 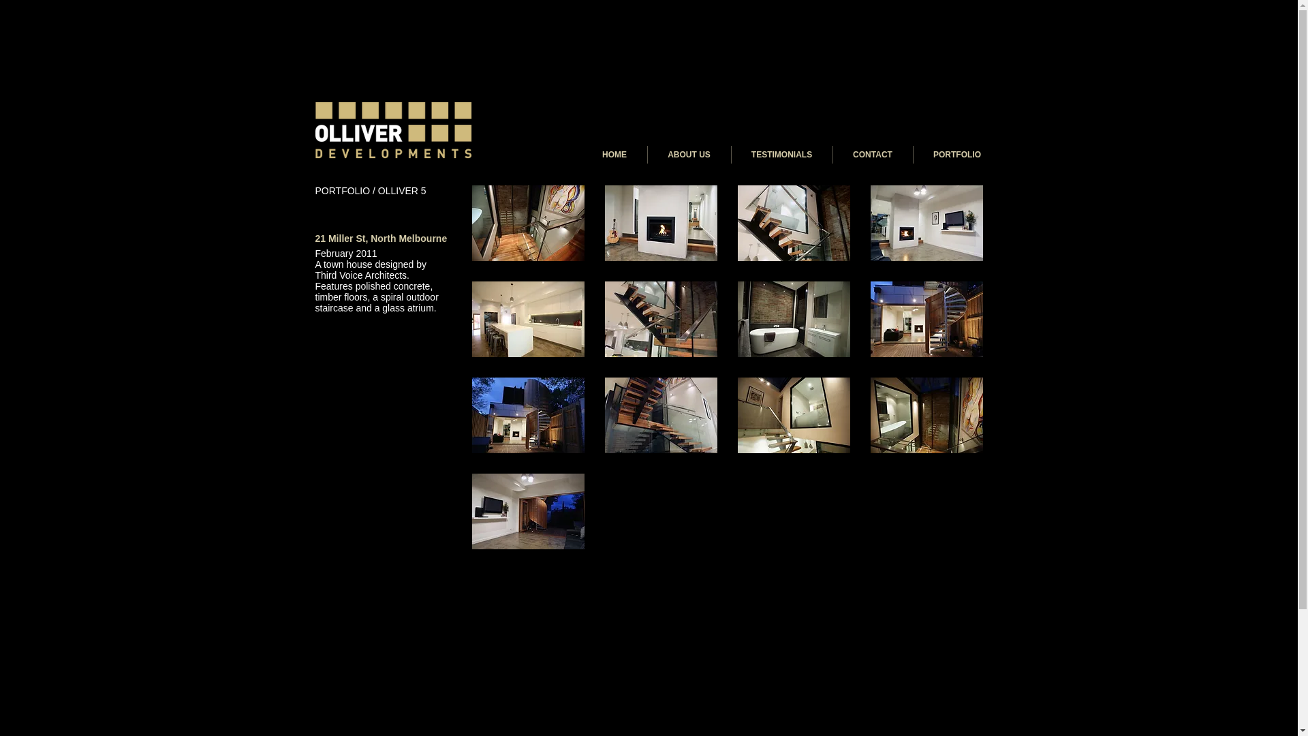 What do you see at coordinates (956, 154) in the screenshot?
I see `'PORTFOLIO'` at bounding box center [956, 154].